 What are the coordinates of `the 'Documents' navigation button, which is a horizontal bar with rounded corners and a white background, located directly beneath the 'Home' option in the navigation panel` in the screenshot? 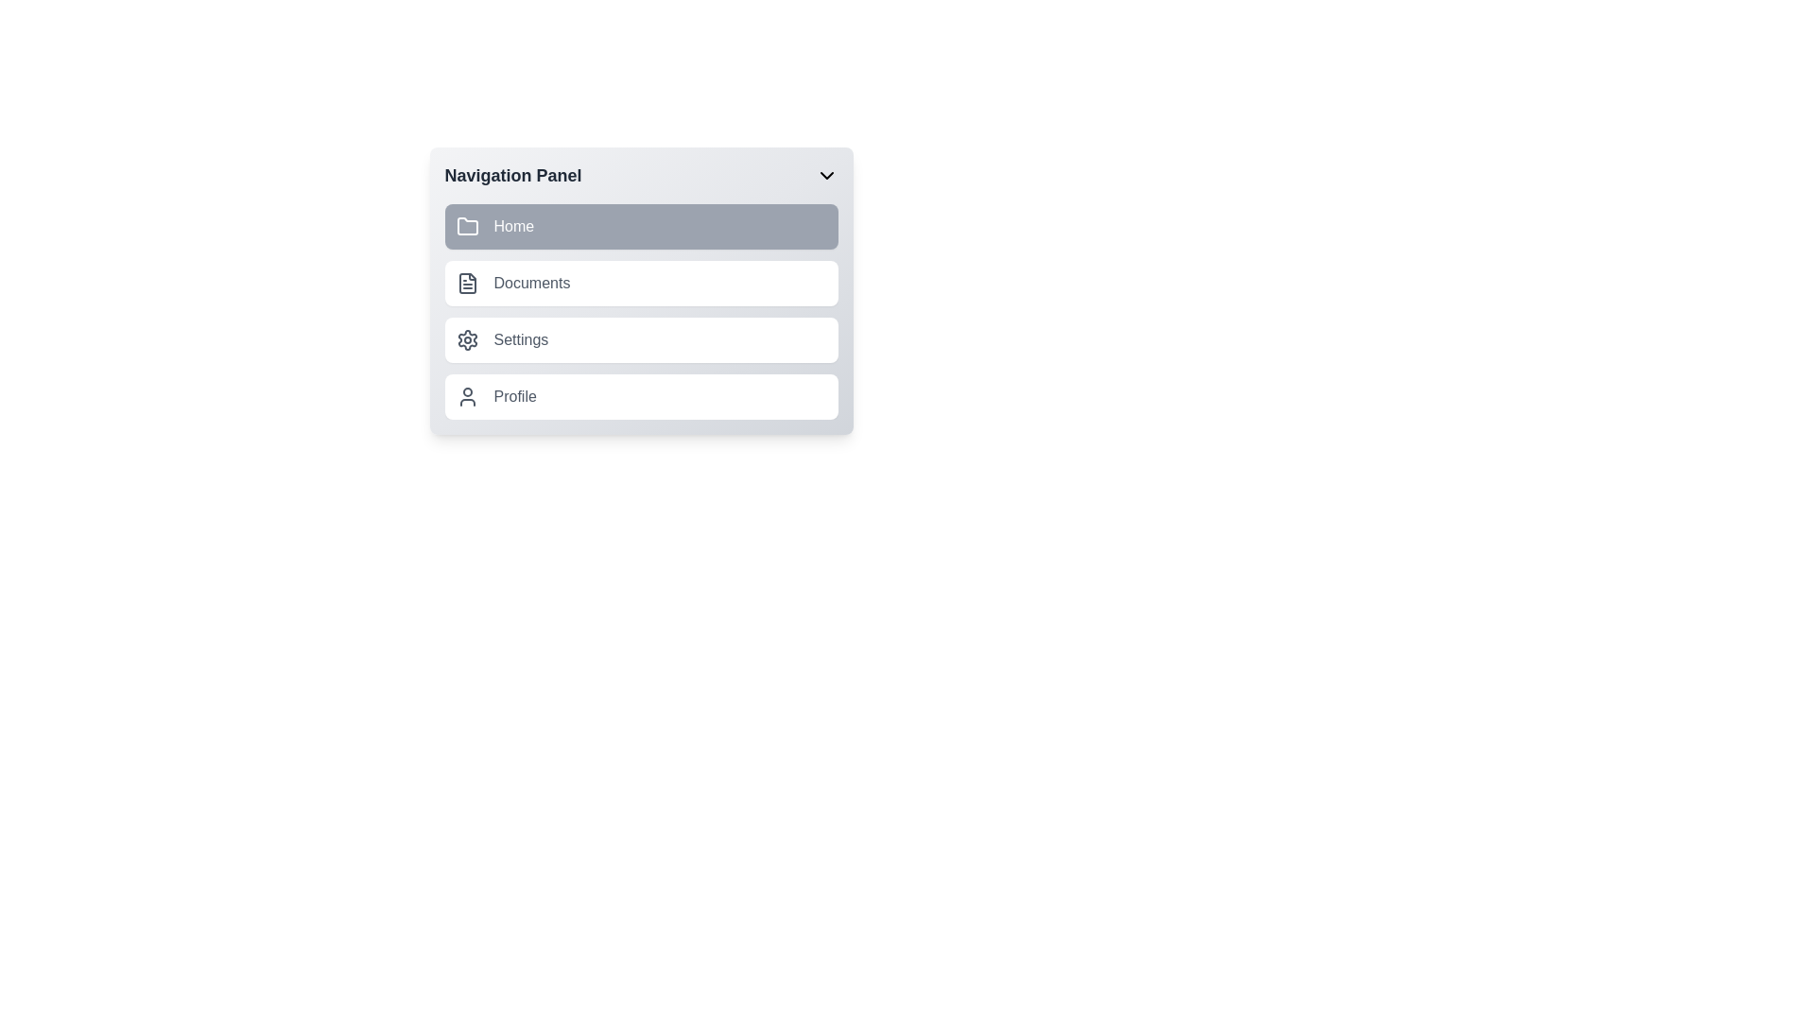 It's located at (641, 303).